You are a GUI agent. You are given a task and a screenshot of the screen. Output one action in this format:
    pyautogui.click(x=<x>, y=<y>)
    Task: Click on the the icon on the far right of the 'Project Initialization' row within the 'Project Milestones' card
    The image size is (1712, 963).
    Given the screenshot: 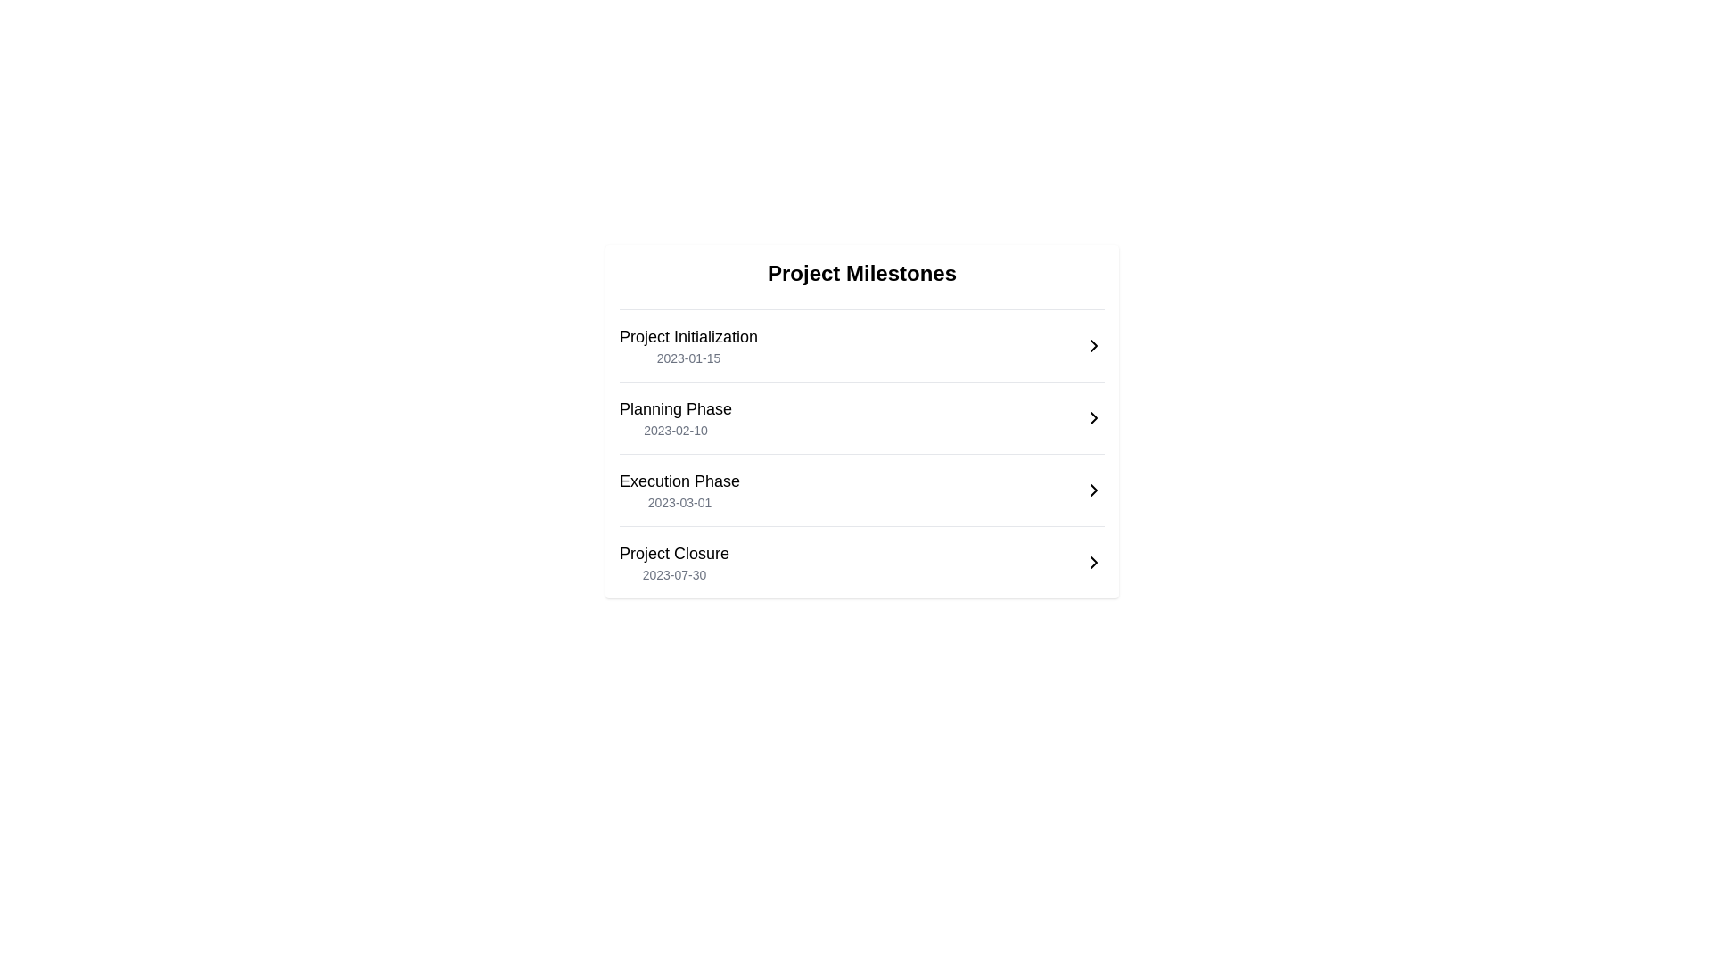 What is the action you would take?
    pyautogui.click(x=1093, y=346)
    